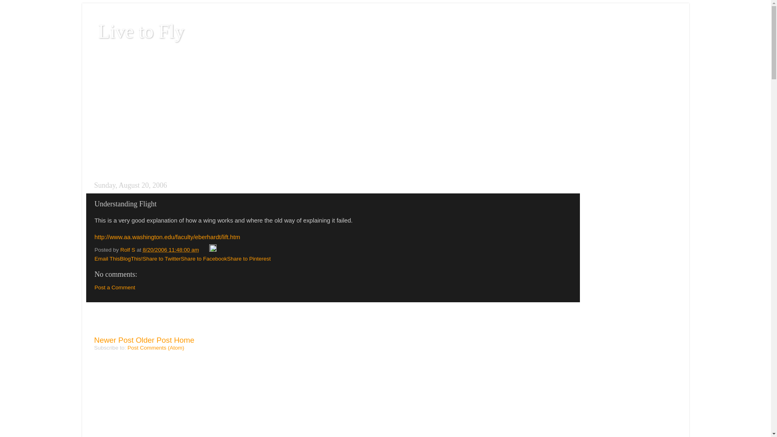 The width and height of the screenshot is (777, 437). What do you see at coordinates (248, 259) in the screenshot?
I see `'Share to Pinterest'` at bounding box center [248, 259].